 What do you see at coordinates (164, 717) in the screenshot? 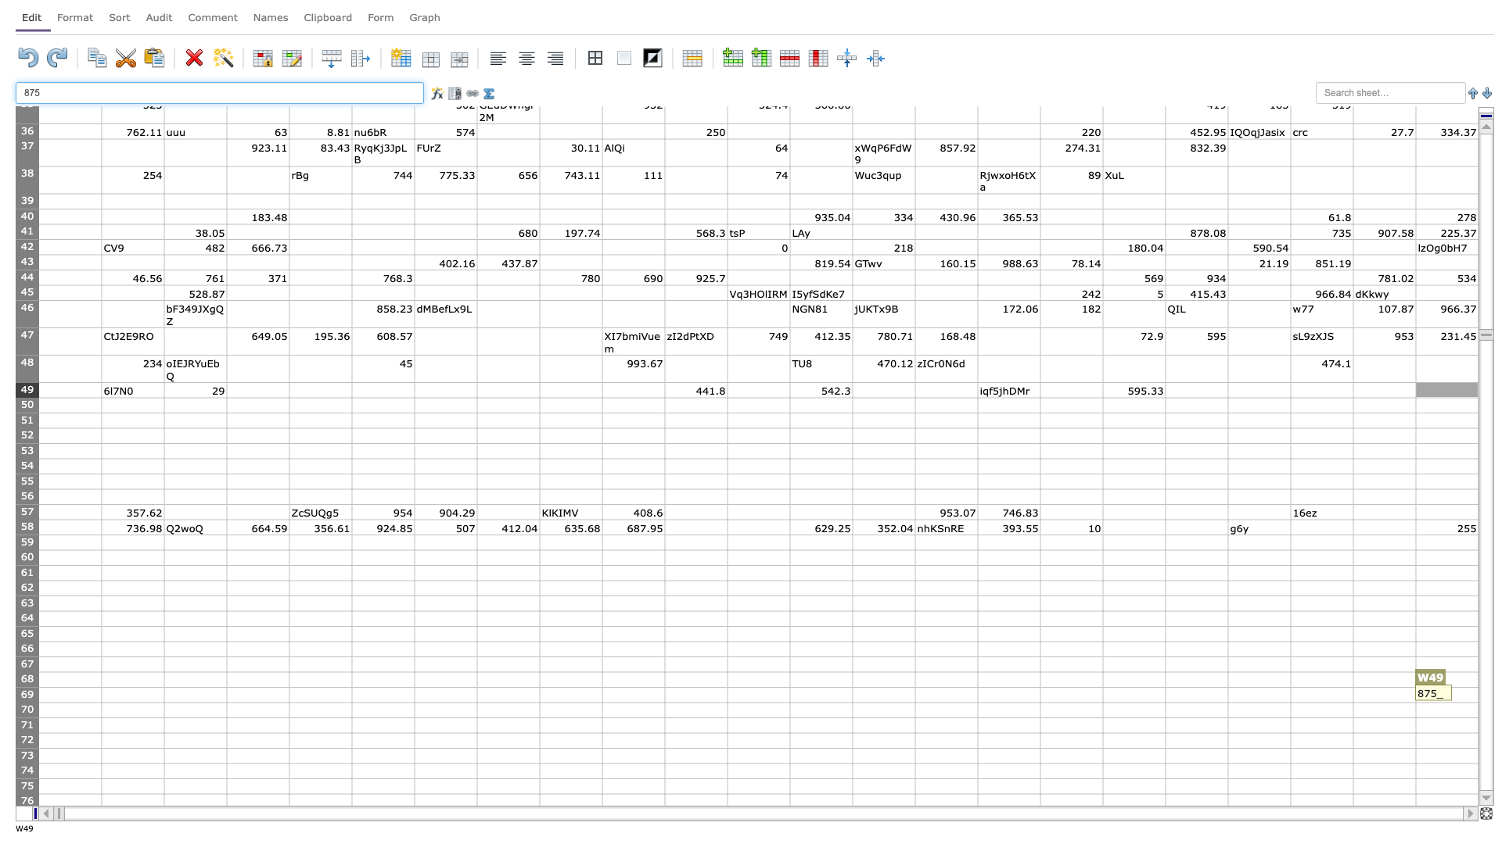
I see `Series fill point of cell B70` at bounding box center [164, 717].